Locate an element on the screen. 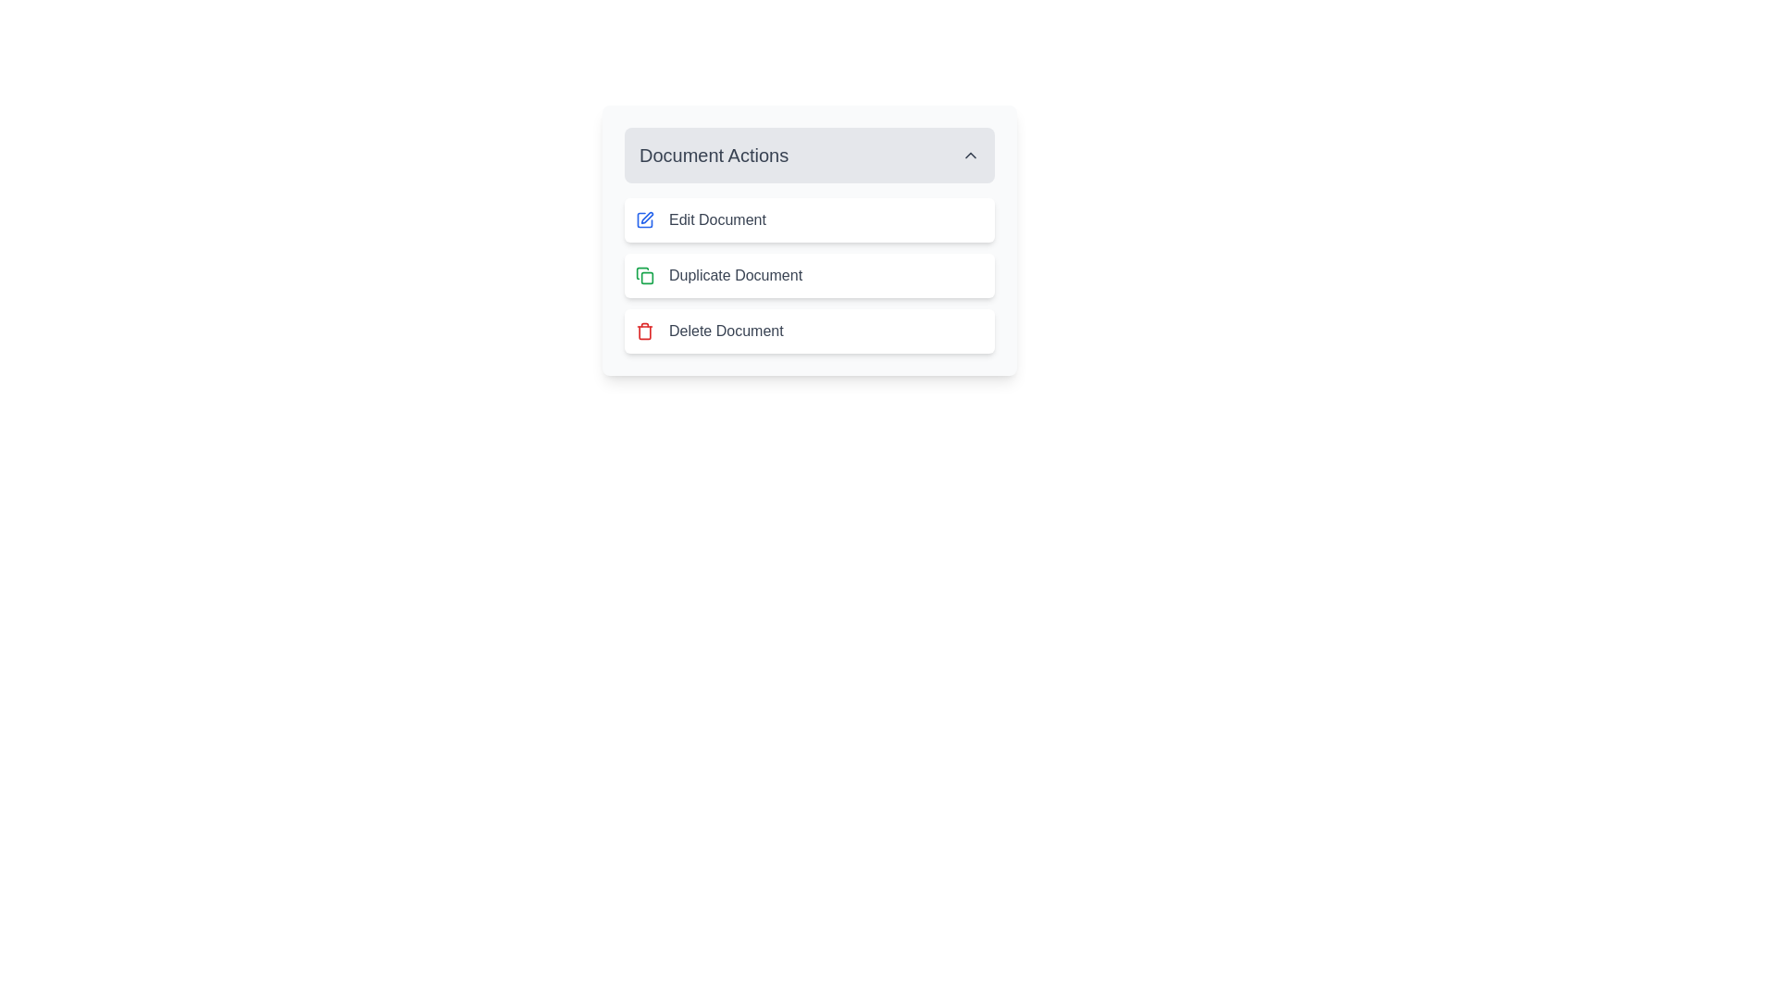 This screenshot has height=1000, width=1777. the delete button located as the third item under the 'Document Actions' section is located at coordinates (809, 331).